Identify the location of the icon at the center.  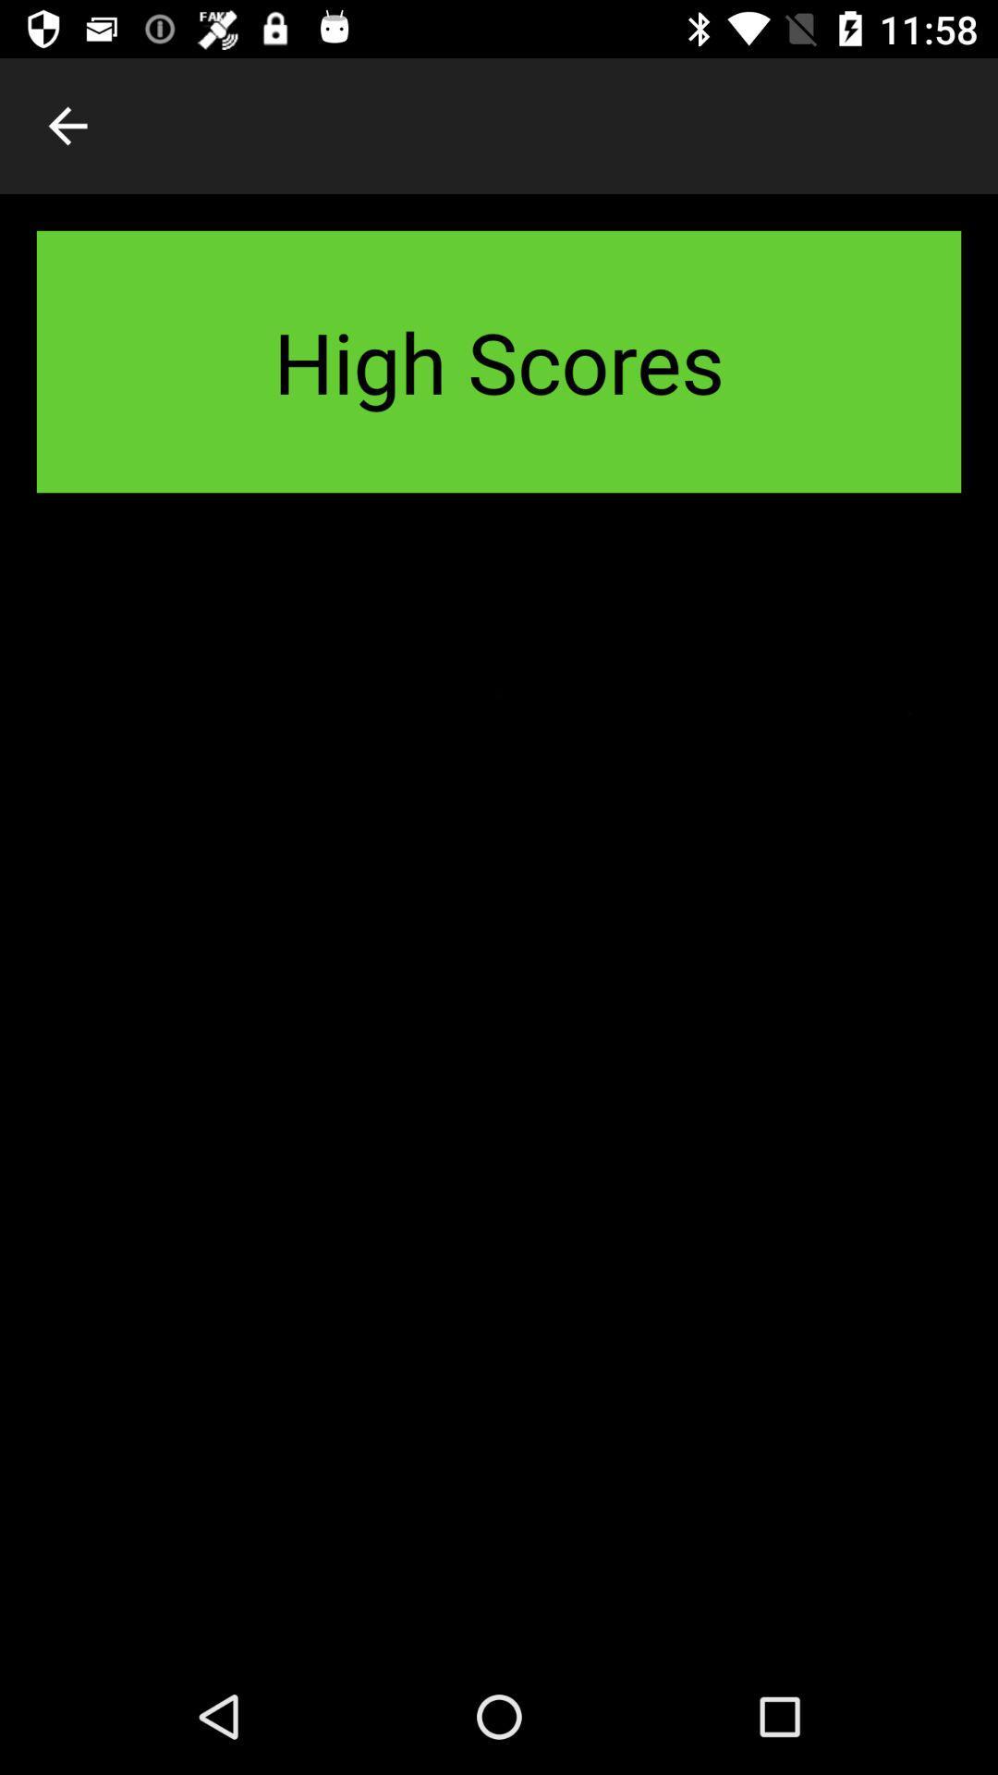
(499, 1094).